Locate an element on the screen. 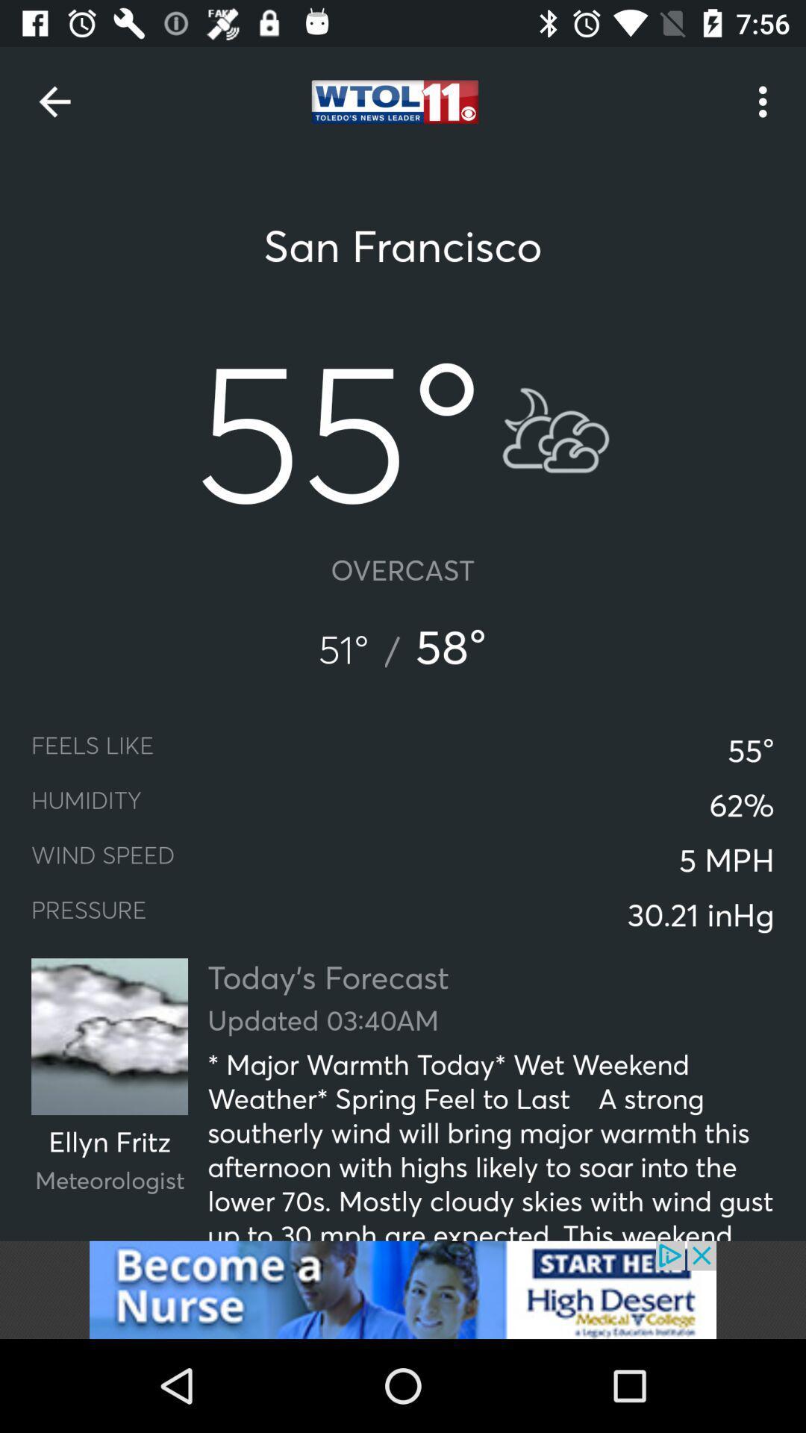 The width and height of the screenshot is (806, 1433). advertisement is located at coordinates (403, 1289).